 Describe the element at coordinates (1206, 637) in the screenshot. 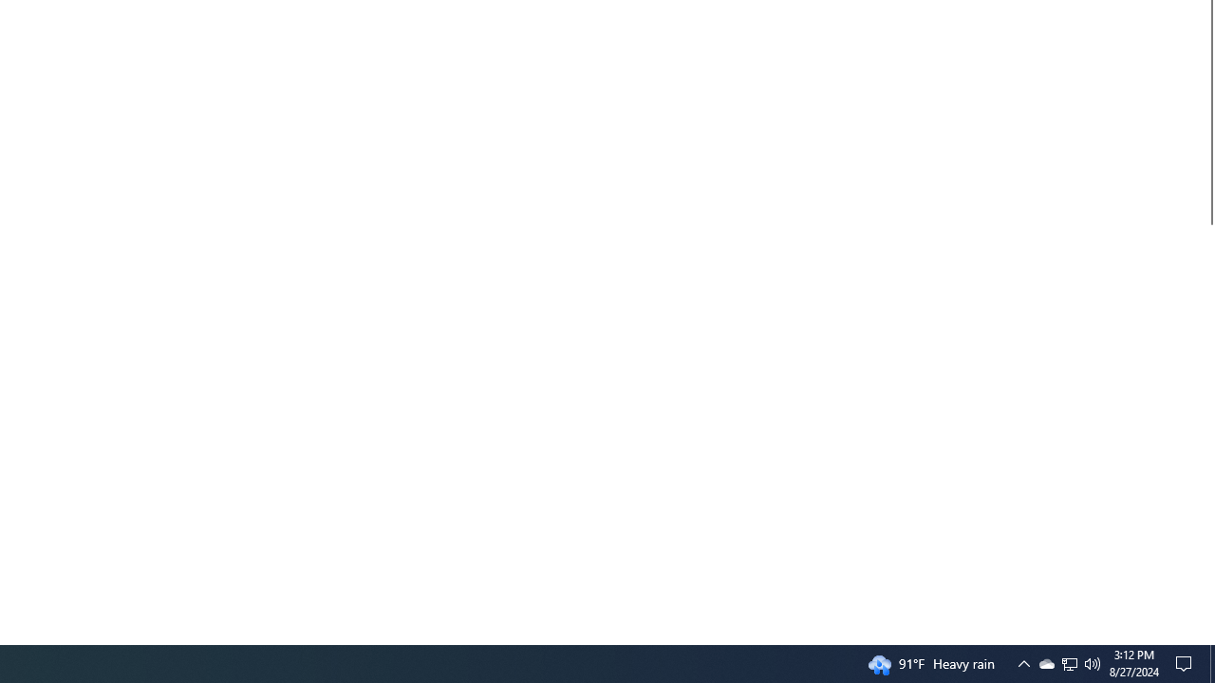

I see `'Vertical Small Increase'` at that location.